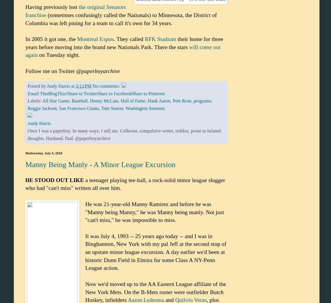 The height and width of the screenshot is (303, 331). What do you see at coordinates (55, 100) in the screenshot?
I see `'All Star Game'` at bounding box center [55, 100].